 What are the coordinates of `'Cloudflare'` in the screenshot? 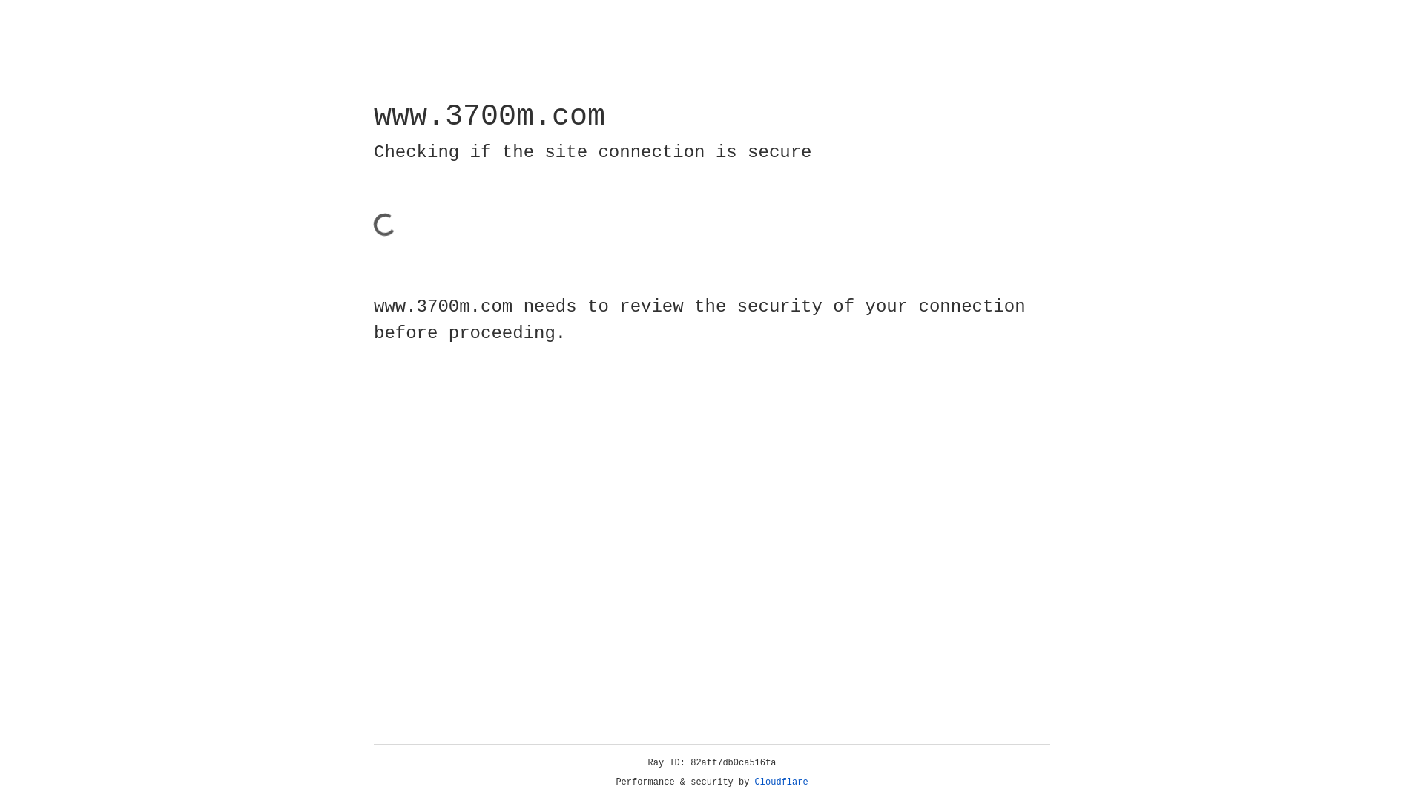 It's located at (754, 782).